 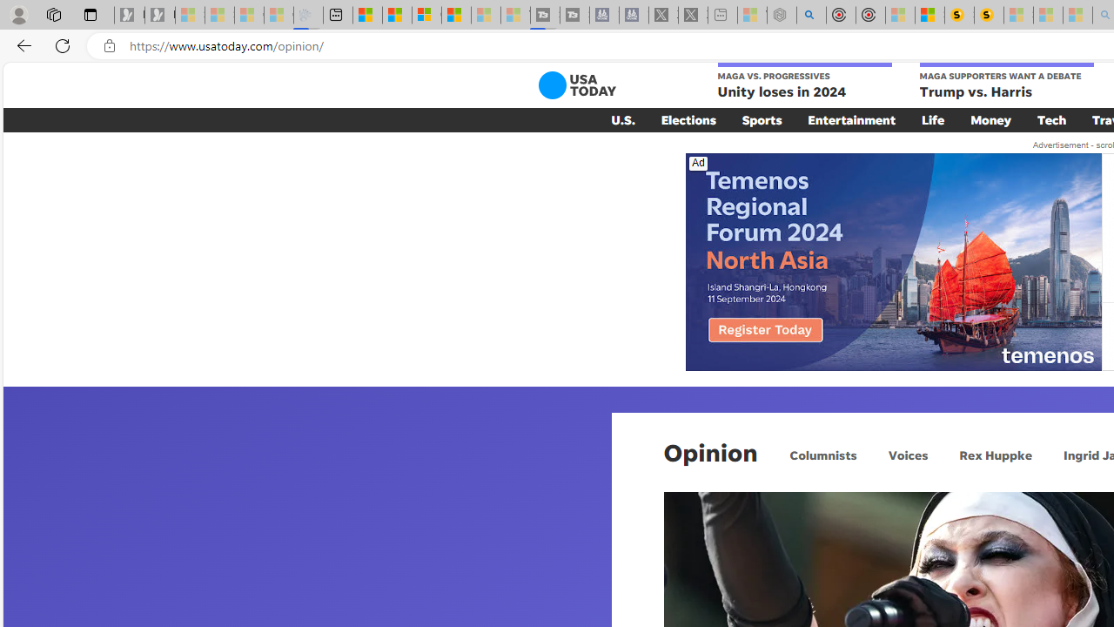 What do you see at coordinates (990, 118) in the screenshot?
I see `'Money'` at bounding box center [990, 118].